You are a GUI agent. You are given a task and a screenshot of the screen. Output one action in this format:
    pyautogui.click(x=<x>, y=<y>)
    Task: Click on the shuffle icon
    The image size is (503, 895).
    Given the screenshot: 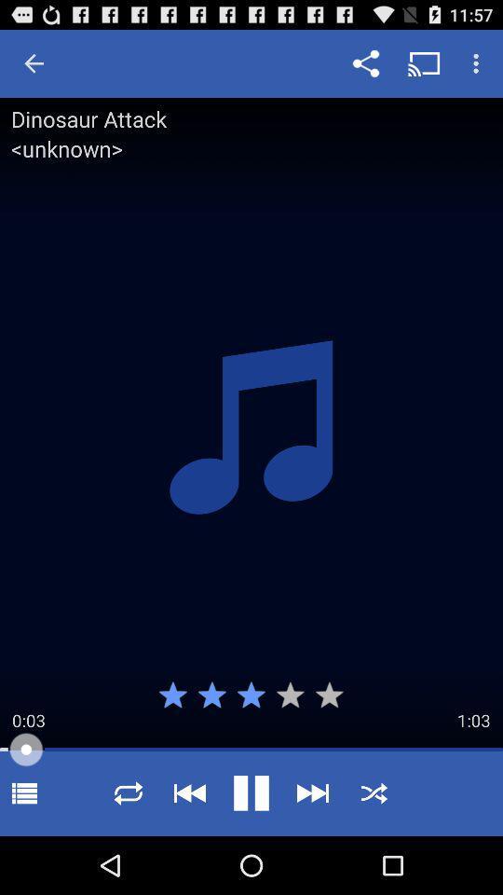 What is the action you would take?
    pyautogui.click(x=374, y=792)
    